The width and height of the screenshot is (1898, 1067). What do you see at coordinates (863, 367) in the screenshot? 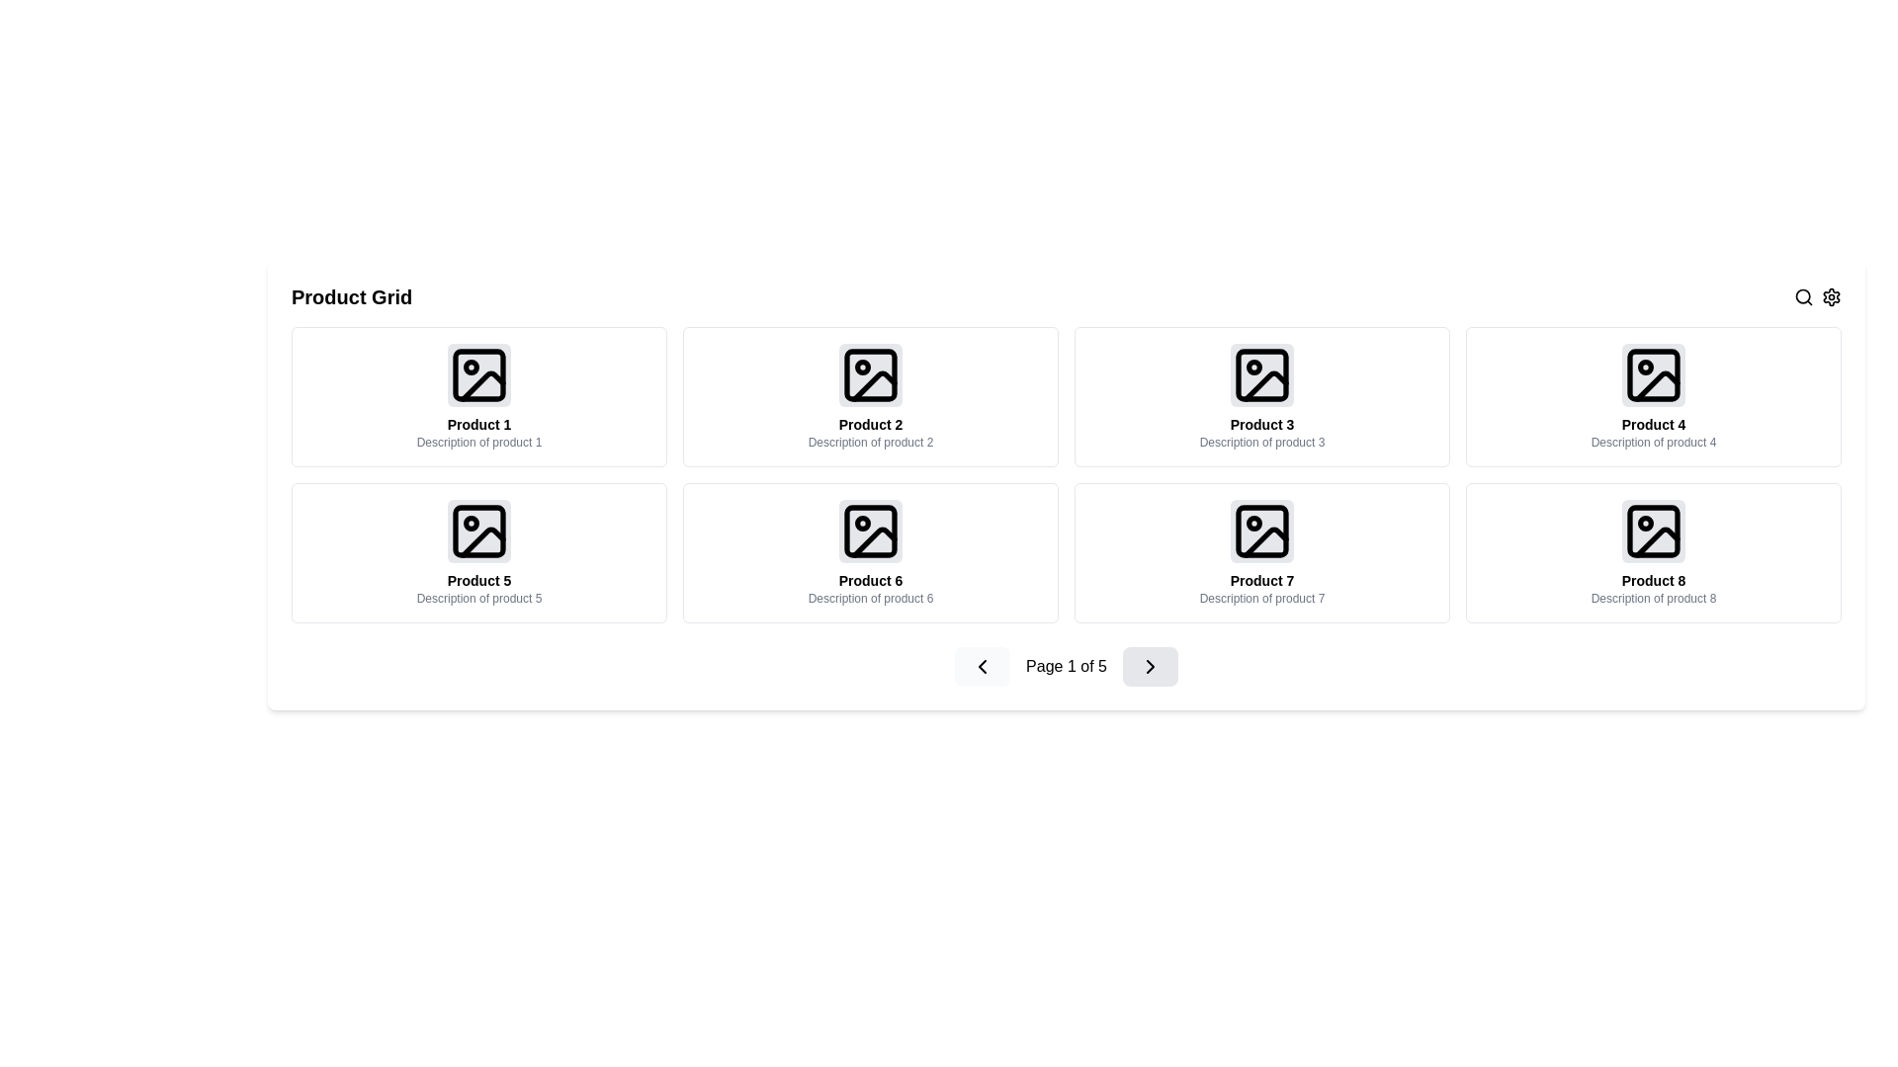
I see `the small circular shape located within the image placeholder graphic of the second product display from the left in the top row of the product grid` at bounding box center [863, 367].